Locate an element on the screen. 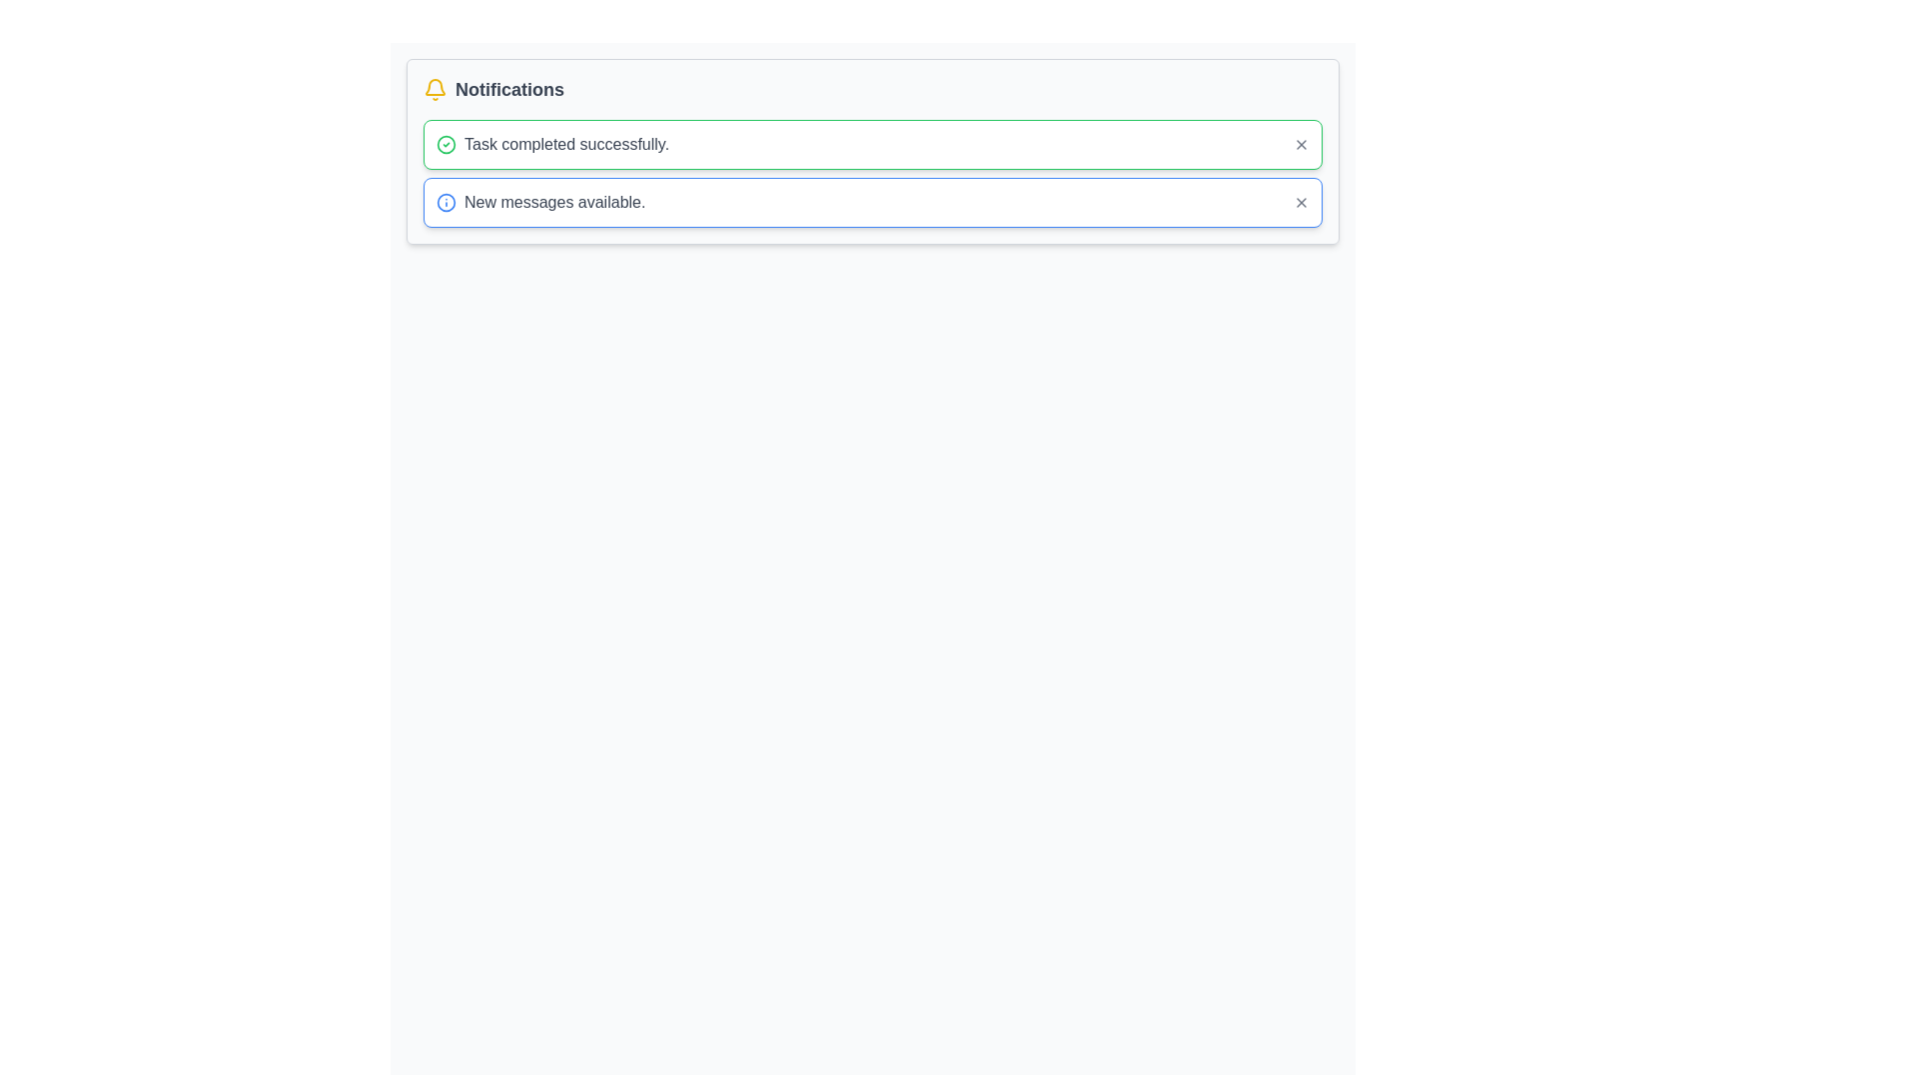 The height and width of the screenshot is (1079, 1918). the static text label that indicates the successful completion of a task is located at coordinates (565, 144).